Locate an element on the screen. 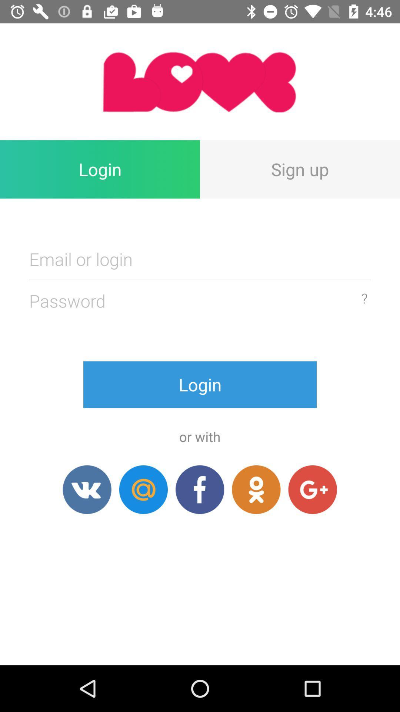 This screenshot has height=712, width=400. app below or with app is located at coordinates (199, 489).